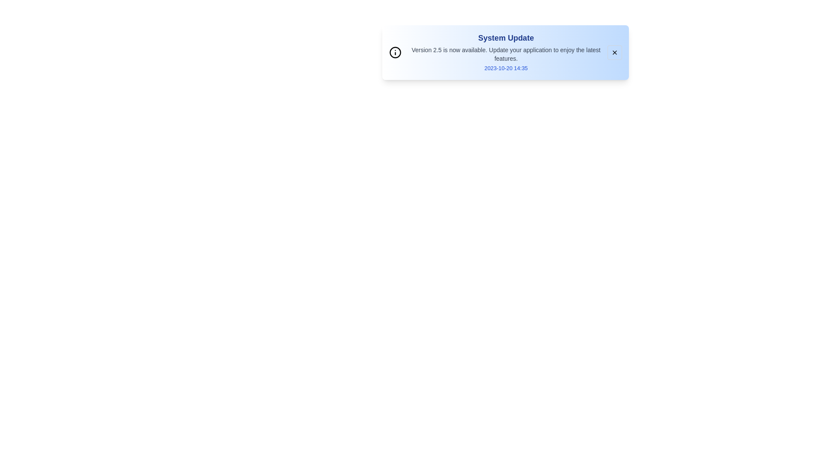  Describe the element at coordinates (395, 53) in the screenshot. I see `the alert icon to examine its visual information` at that location.